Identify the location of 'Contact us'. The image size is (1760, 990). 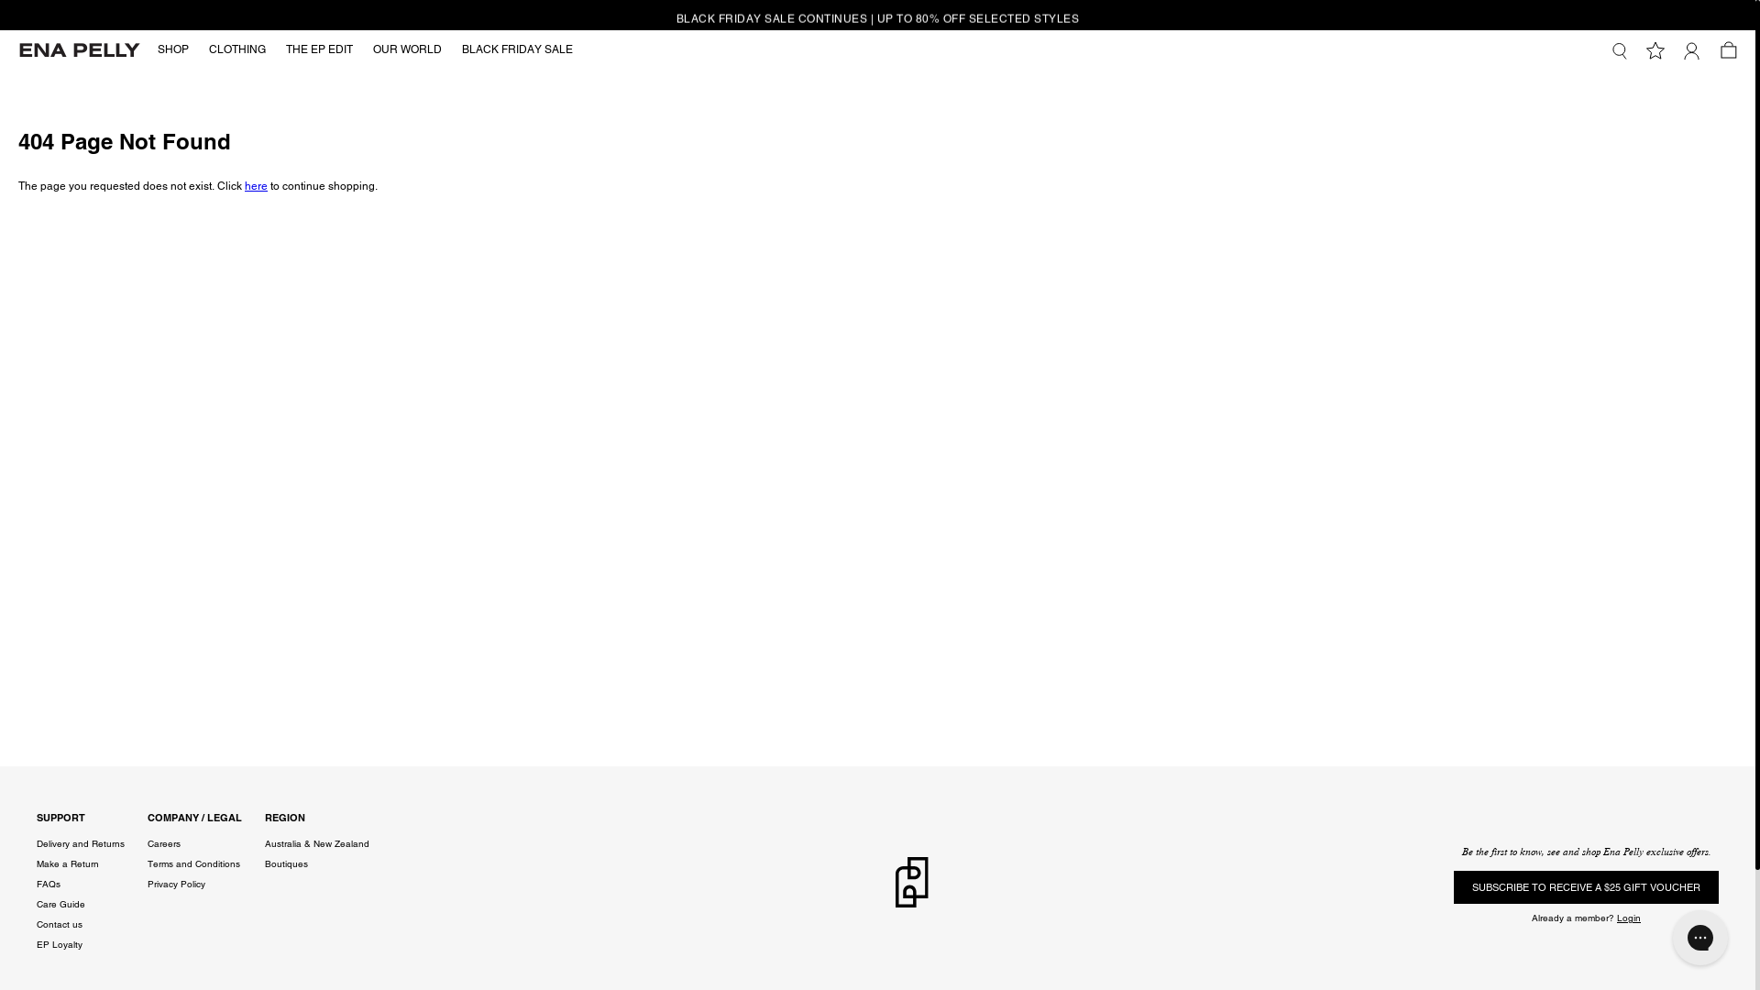
(60, 925).